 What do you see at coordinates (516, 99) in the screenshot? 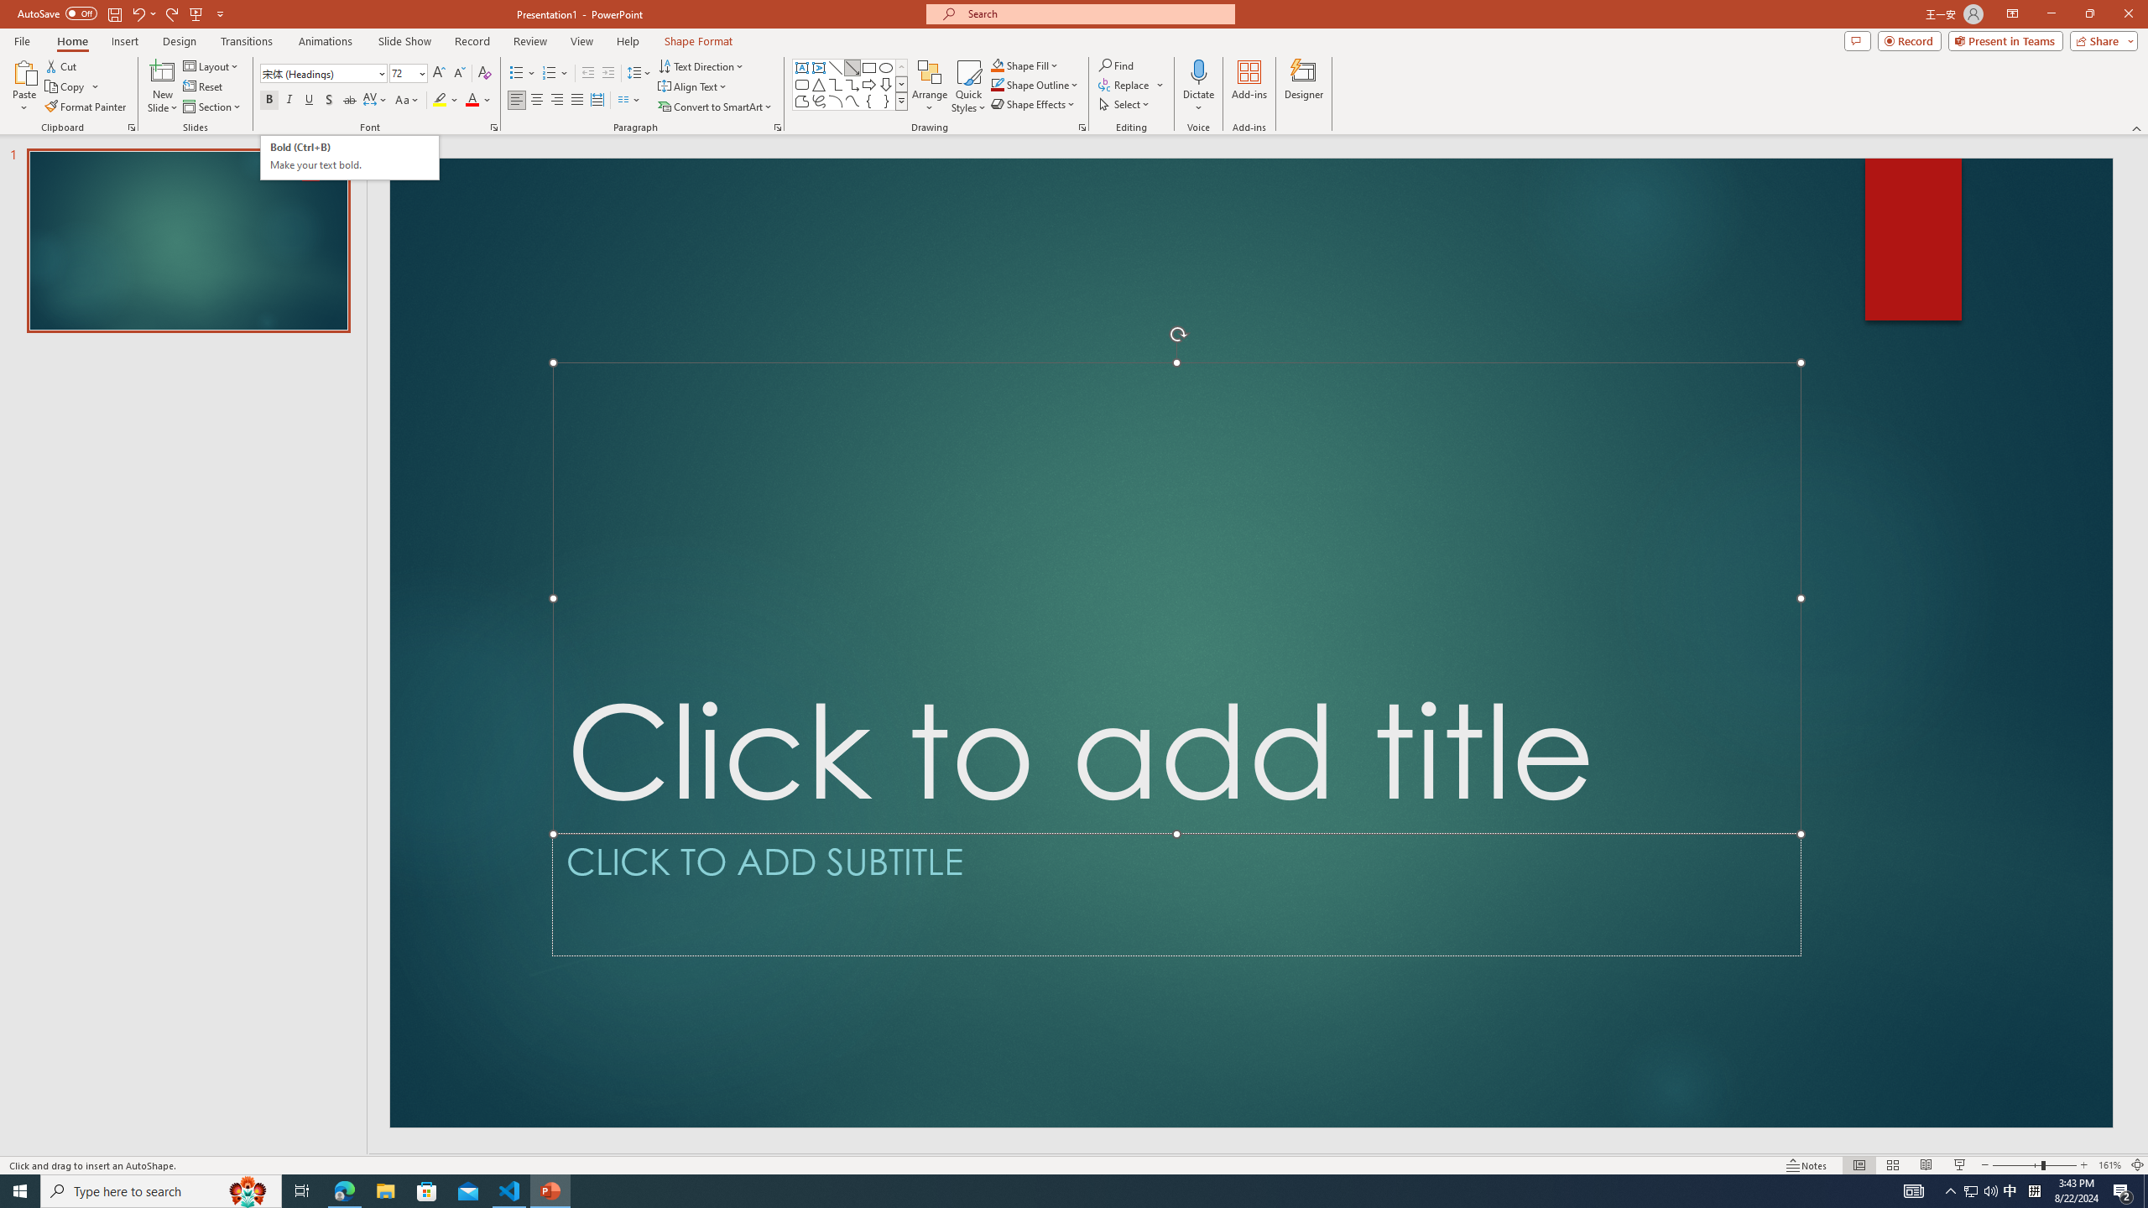
I see `'Align Left'` at bounding box center [516, 99].